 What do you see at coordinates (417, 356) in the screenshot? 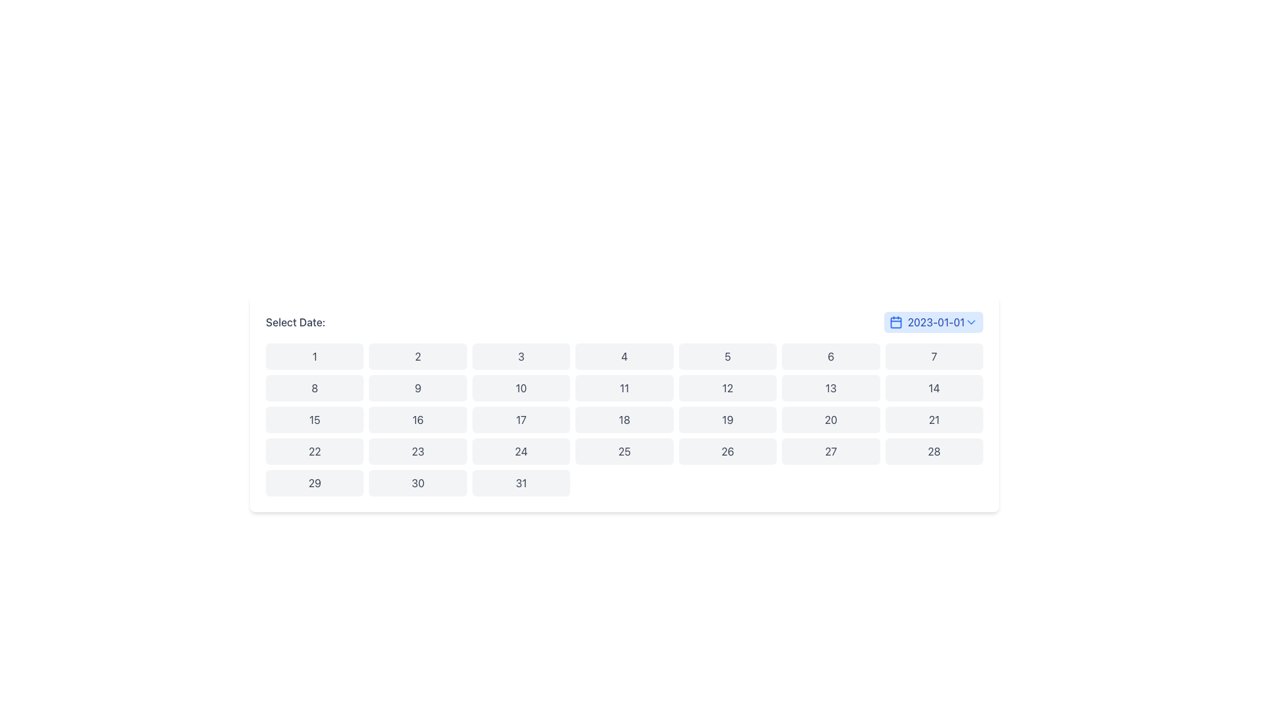
I see `the calendar day selector button that represents the number 2 to trigger hover effects` at bounding box center [417, 356].